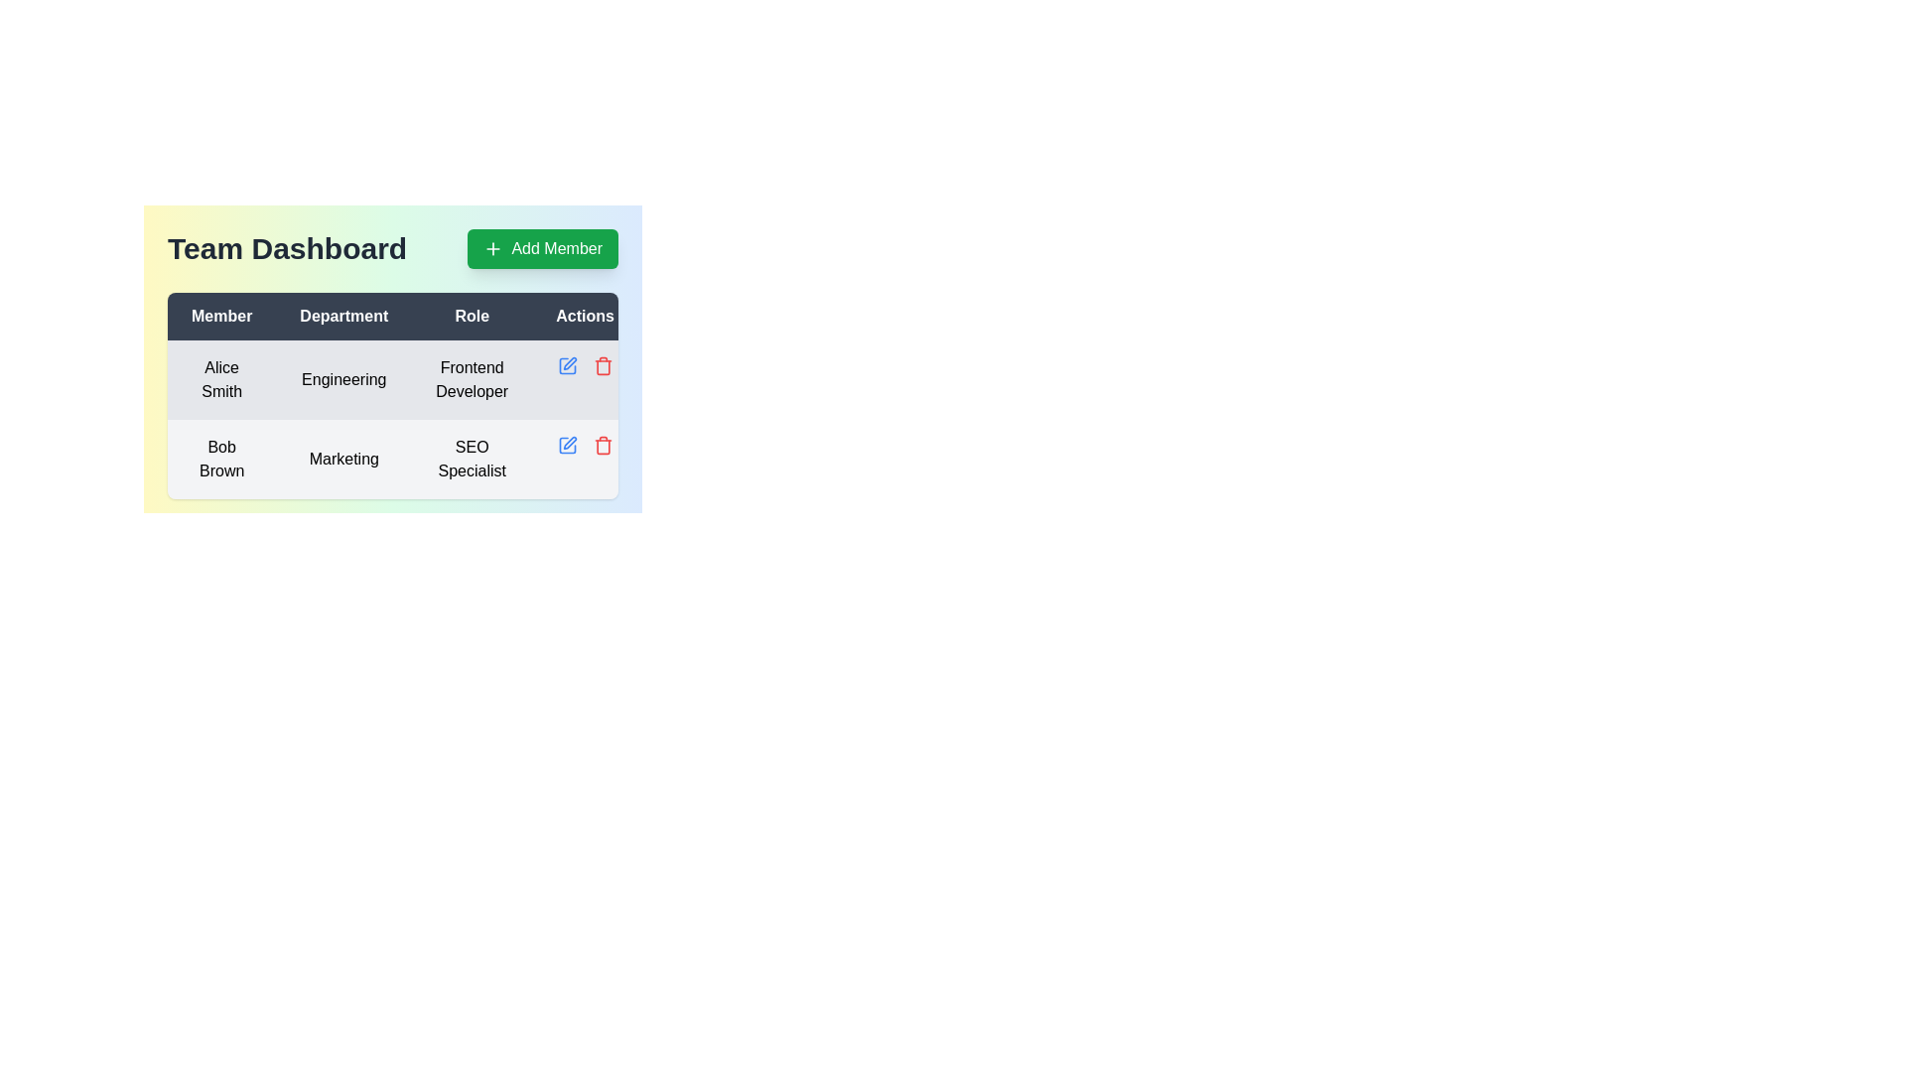 The width and height of the screenshot is (1906, 1072). Describe the element at coordinates (493, 247) in the screenshot. I see `the circular '+' icon with a green background located at the top-right corner of the 'Team Dashboard' interface` at that location.